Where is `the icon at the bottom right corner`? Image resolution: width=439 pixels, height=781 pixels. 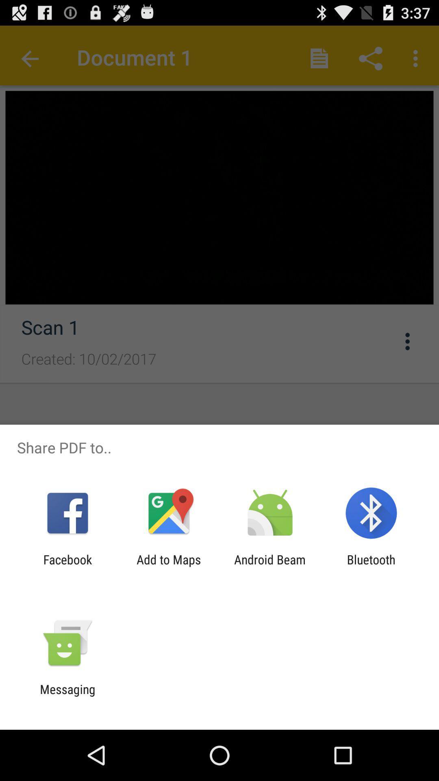
the icon at the bottom right corner is located at coordinates (371, 566).